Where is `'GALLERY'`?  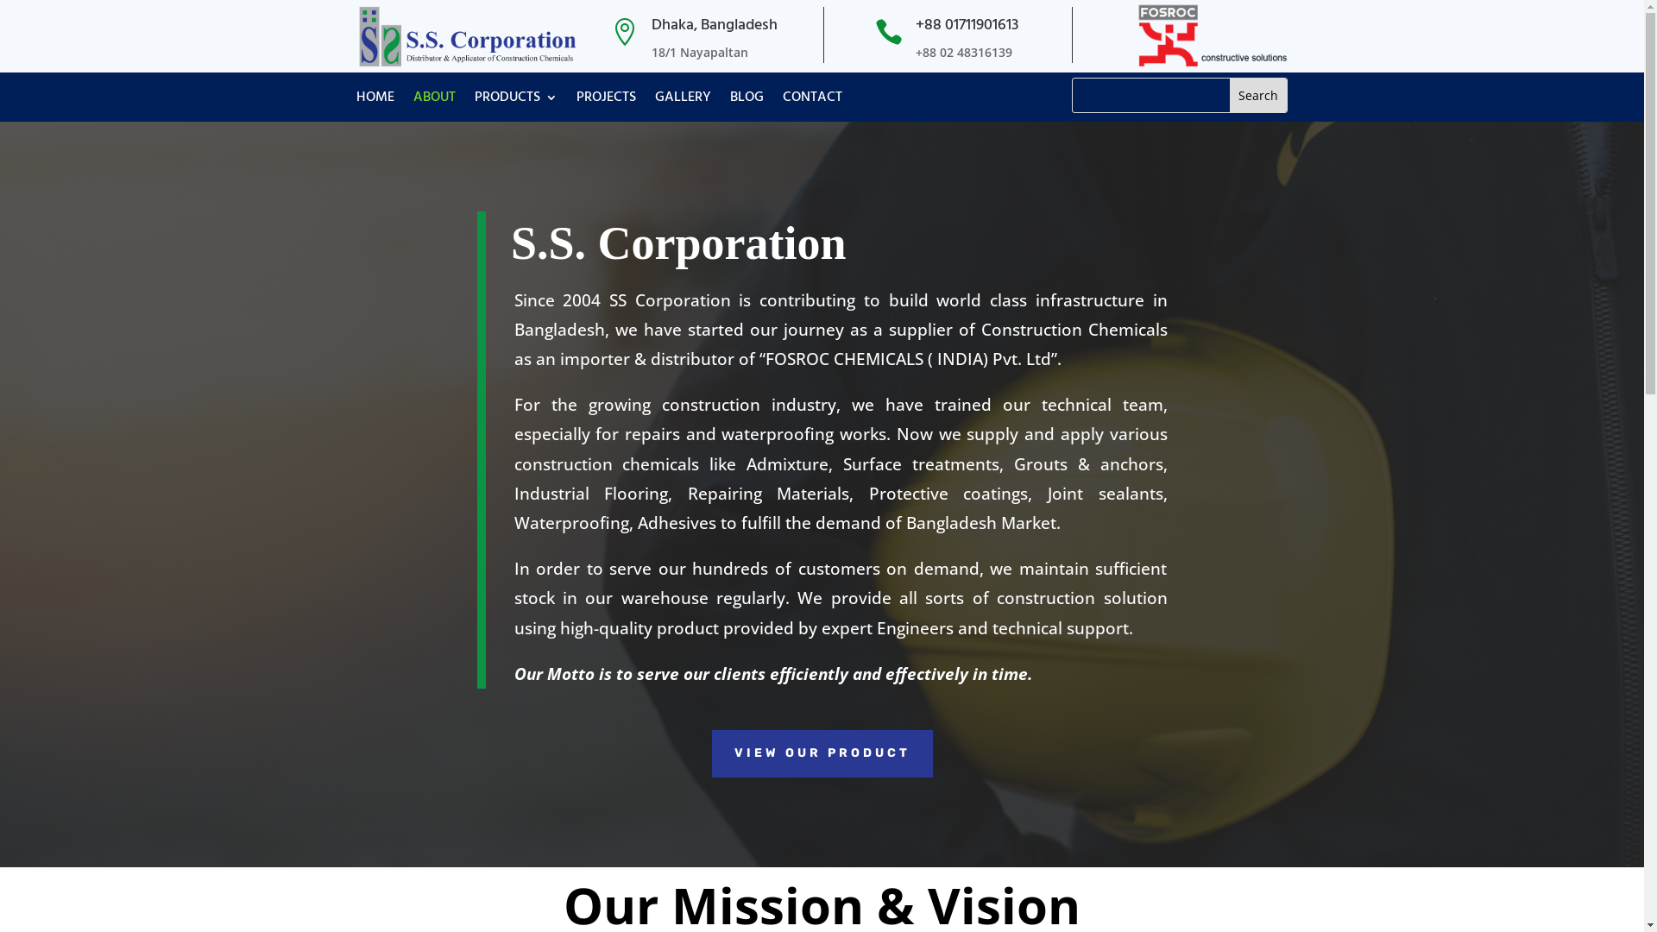
'GALLERY' is located at coordinates (681, 100).